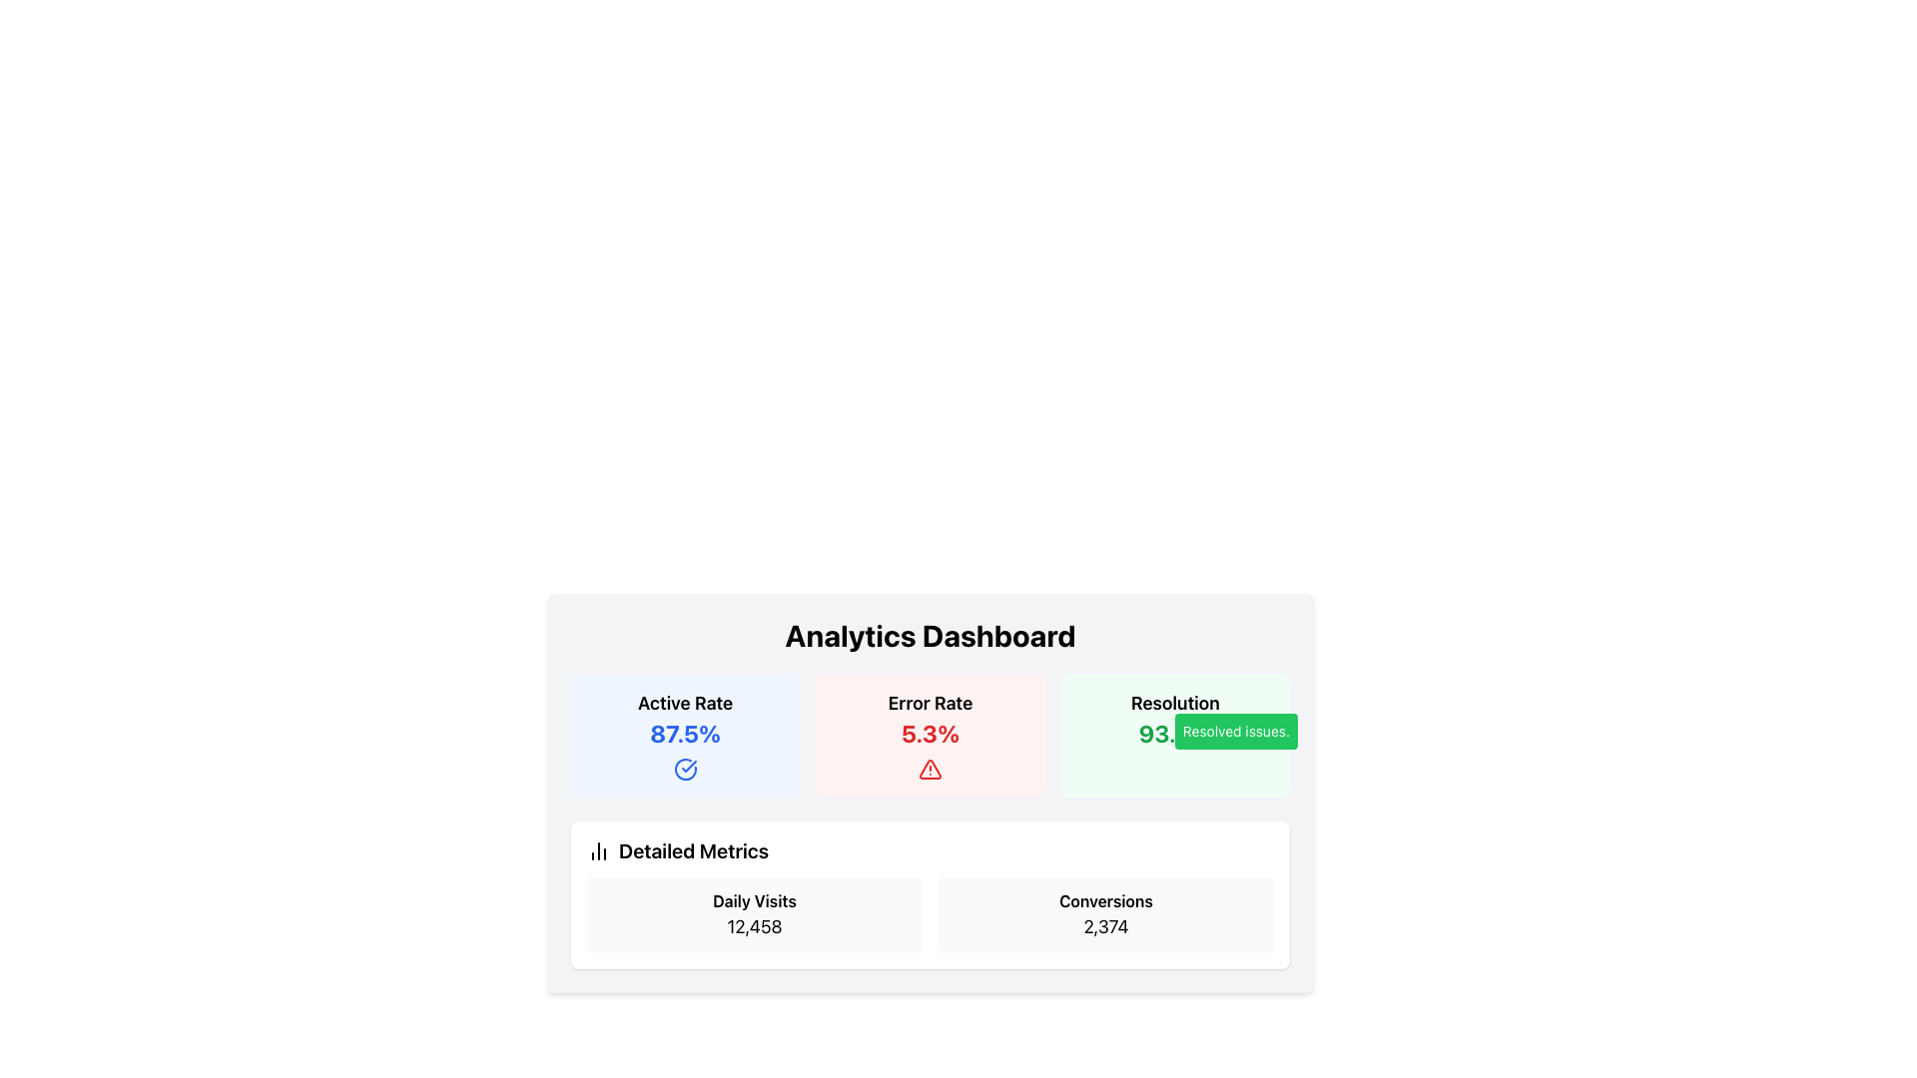 The image size is (1917, 1078). Describe the element at coordinates (685, 703) in the screenshot. I see `the Text Label that serves as the title for the active rate statistic` at that location.